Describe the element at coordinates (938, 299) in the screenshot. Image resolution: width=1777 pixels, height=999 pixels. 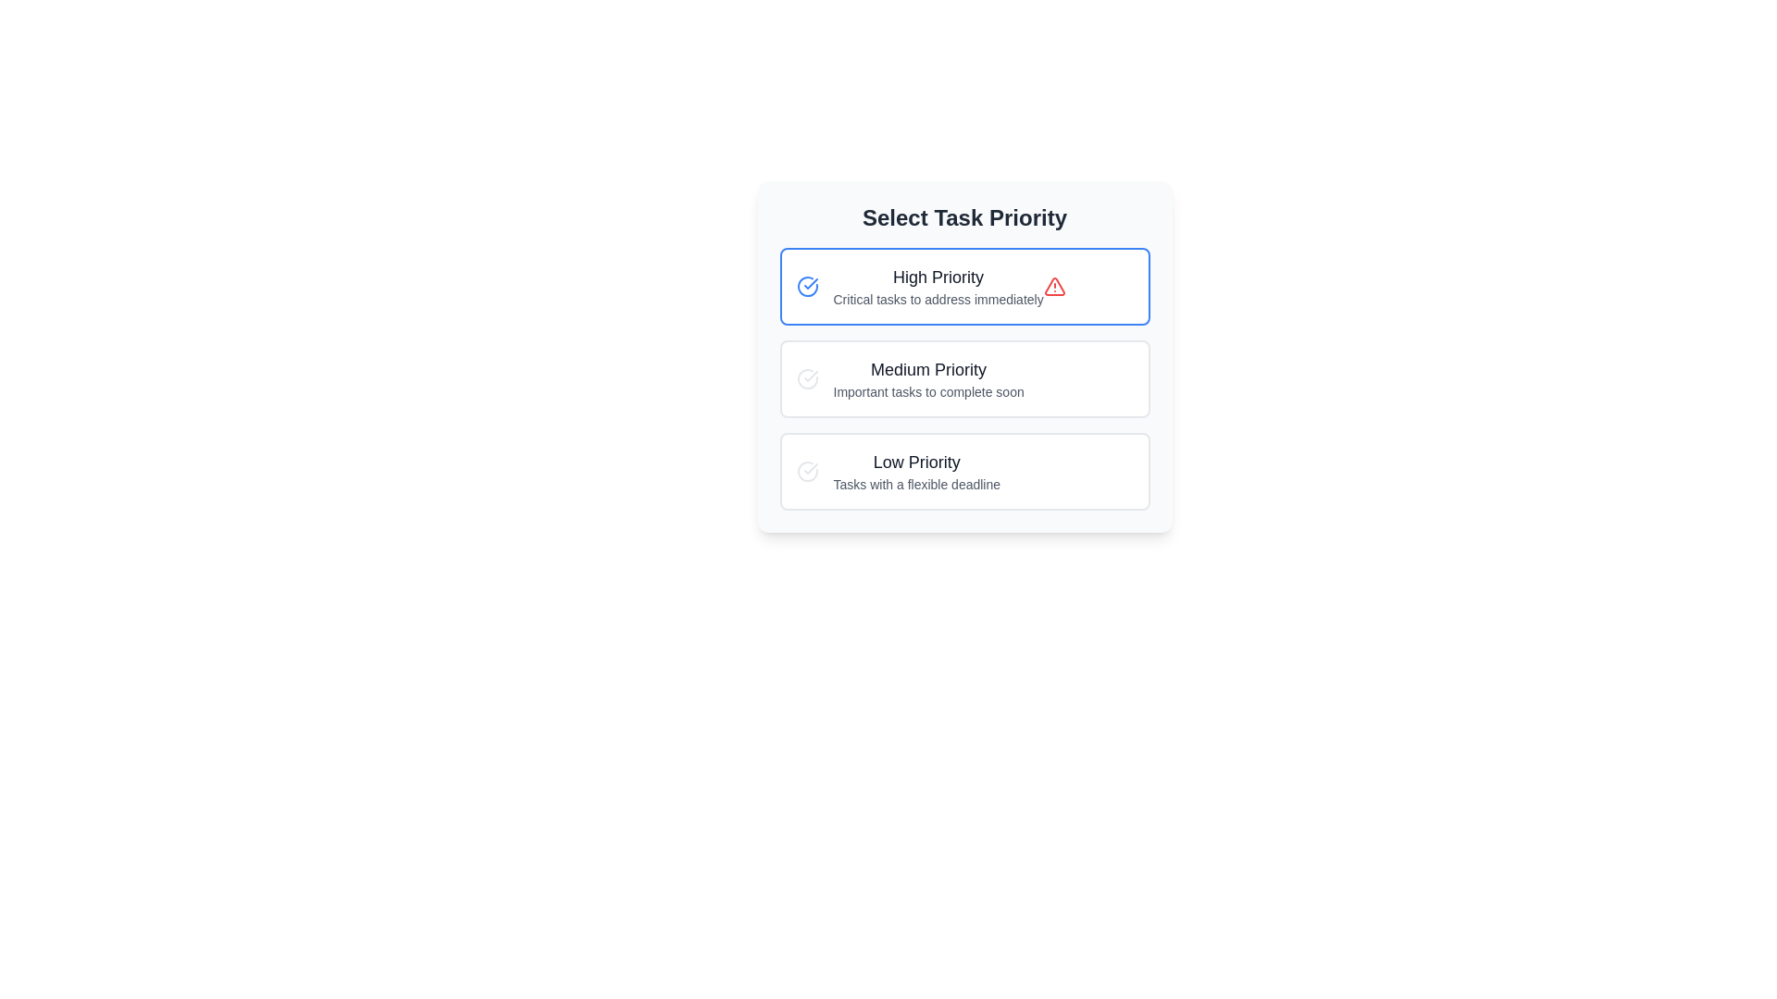
I see `the text label reading 'Critical tasks to address immediately', which is positioned below the 'High Priority' heading in the task selection interface` at that location.